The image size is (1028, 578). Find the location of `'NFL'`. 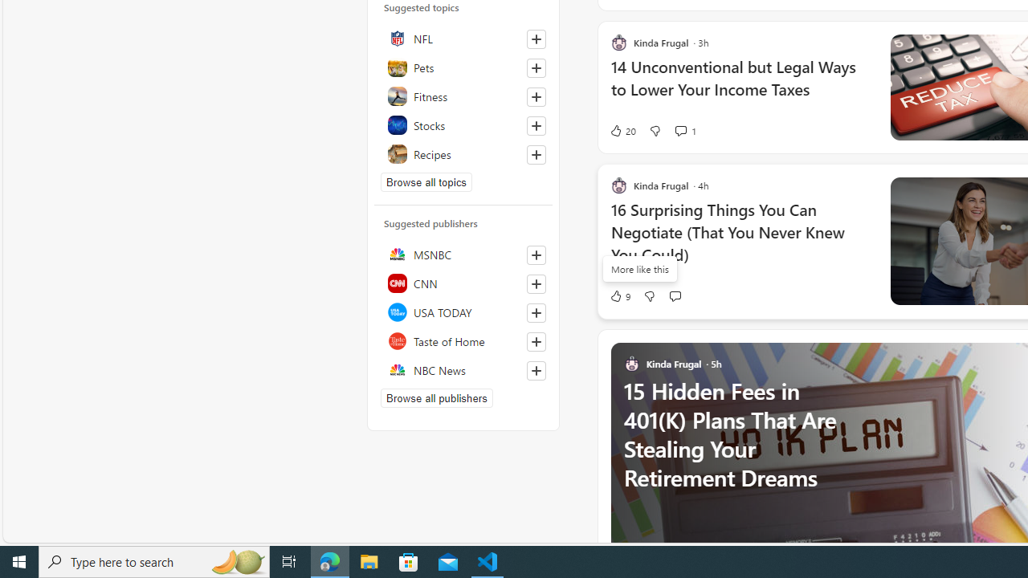

'NFL' is located at coordinates (463, 37).